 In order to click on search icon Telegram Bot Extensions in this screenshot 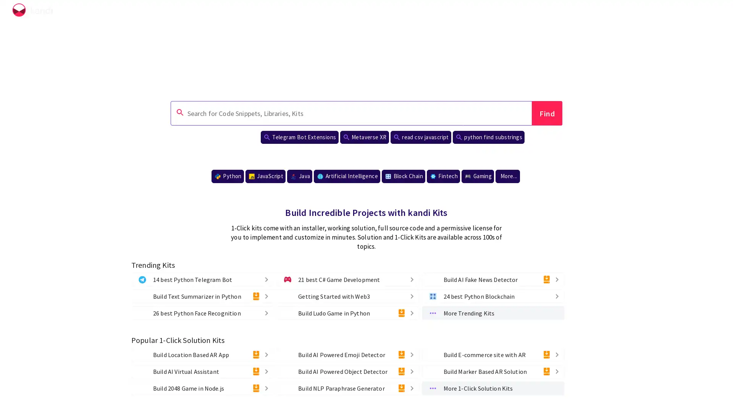, I will do `click(299, 137)`.